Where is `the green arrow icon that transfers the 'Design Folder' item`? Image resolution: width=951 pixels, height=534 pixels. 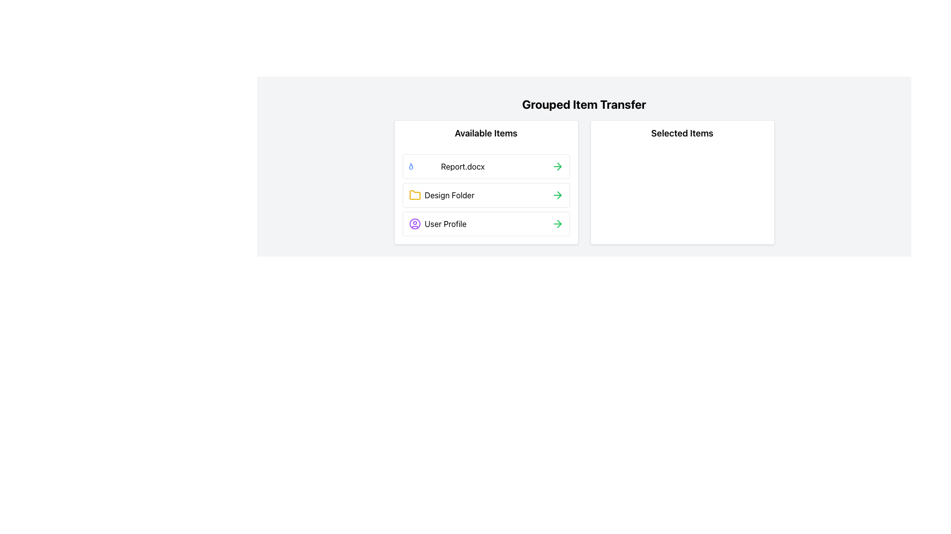
the green arrow icon that transfers the 'Design Folder' item is located at coordinates (557, 195).